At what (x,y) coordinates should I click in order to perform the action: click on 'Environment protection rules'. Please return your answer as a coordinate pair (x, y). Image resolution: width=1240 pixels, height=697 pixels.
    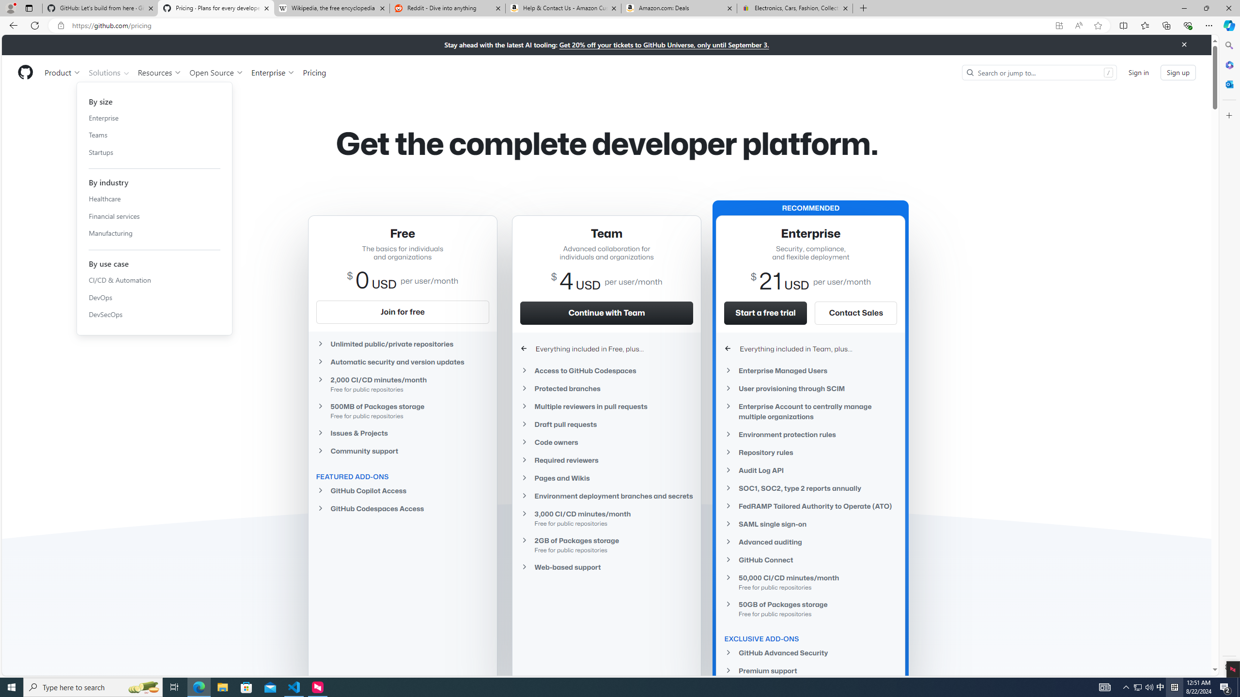
    Looking at the image, I should click on (811, 434).